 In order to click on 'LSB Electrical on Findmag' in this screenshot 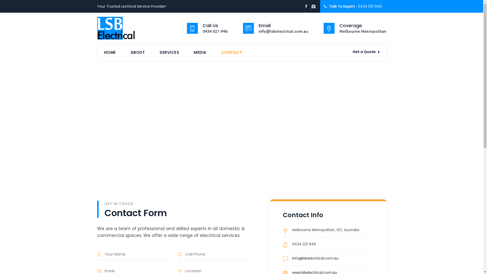, I will do `click(313, 7)`.